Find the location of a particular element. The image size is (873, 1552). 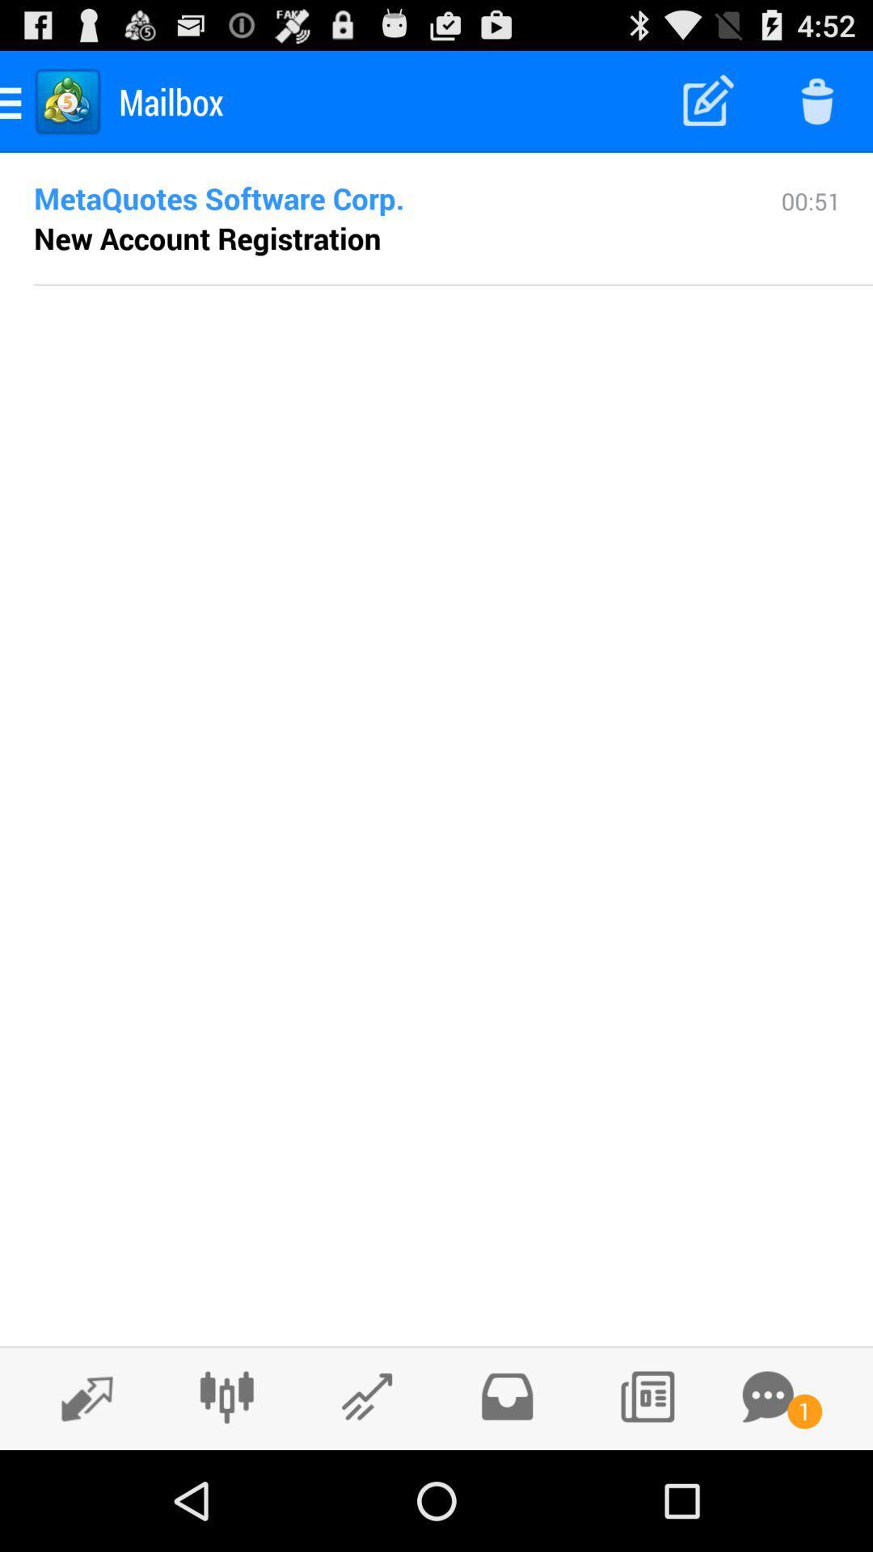

the edit icon is located at coordinates (78, 1495).